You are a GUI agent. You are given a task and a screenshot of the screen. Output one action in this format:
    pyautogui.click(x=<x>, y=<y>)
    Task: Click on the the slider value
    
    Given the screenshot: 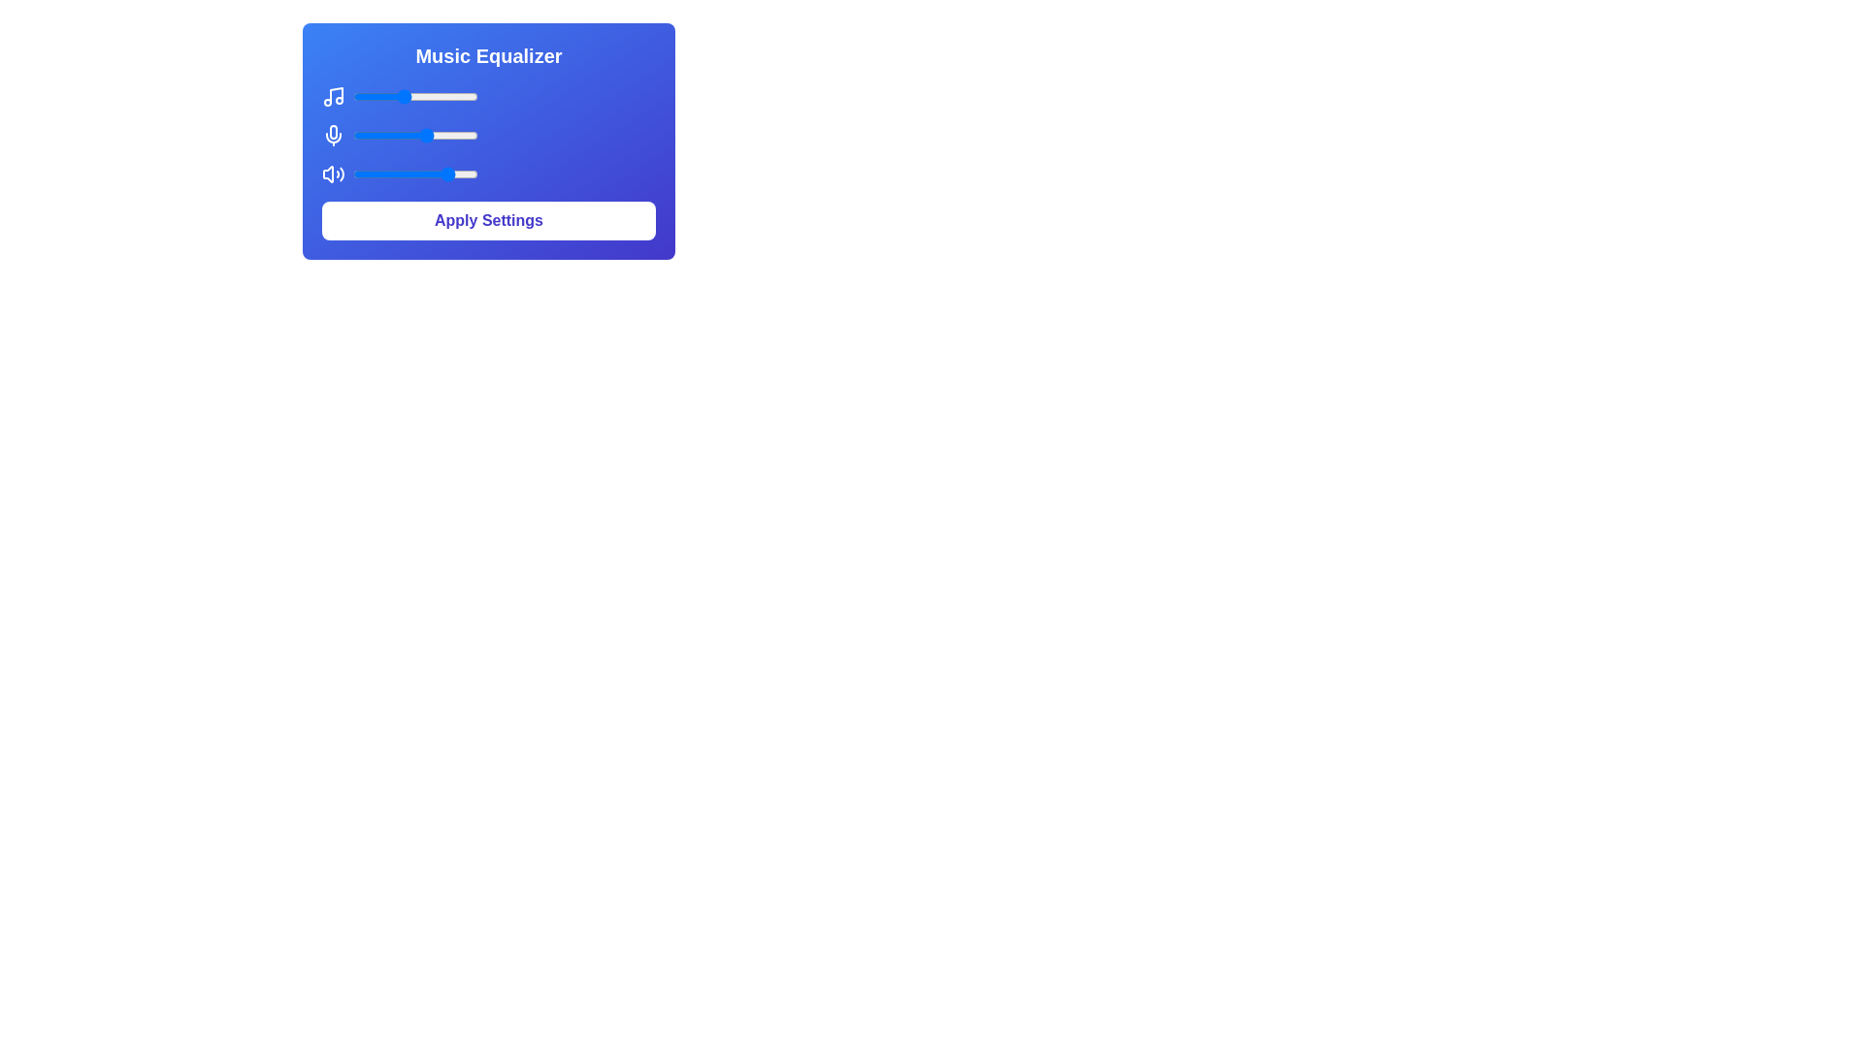 What is the action you would take?
    pyautogui.click(x=365, y=174)
    